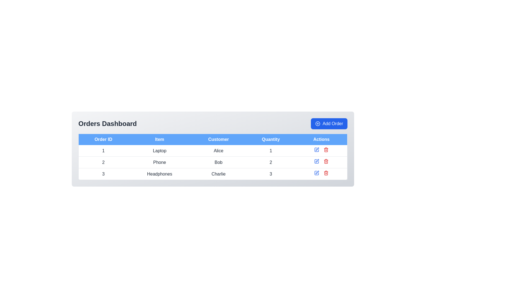 Image resolution: width=532 pixels, height=299 pixels. What do you see at coordinates (103, 162) in the screenshot?
I see `the static identifier Text block for the order in the table located in the first column of the second row under the 'Order ID' label` at bounding box center [103, 162].